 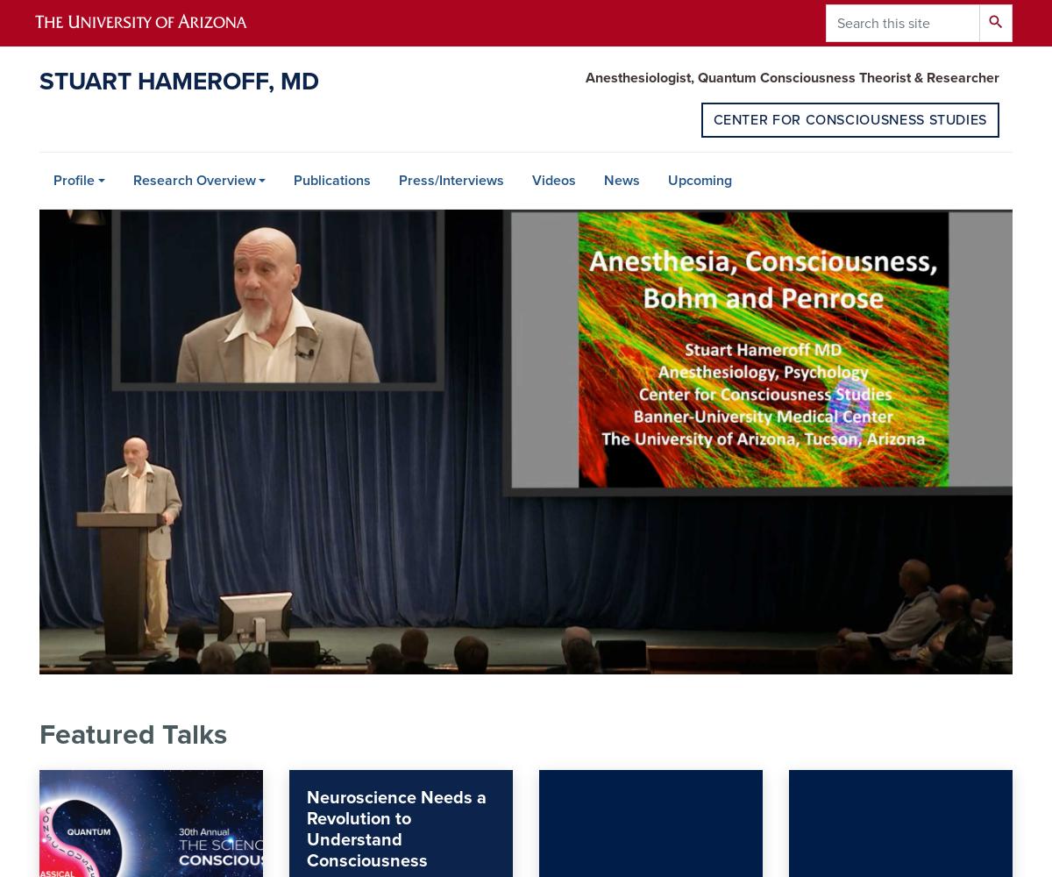 What do you see at coordinates (395, 829) in the screenshot?
I see `'Neuroscience Needs a Revolution to Understand Consciousness'` at bounding box center [395, 829].